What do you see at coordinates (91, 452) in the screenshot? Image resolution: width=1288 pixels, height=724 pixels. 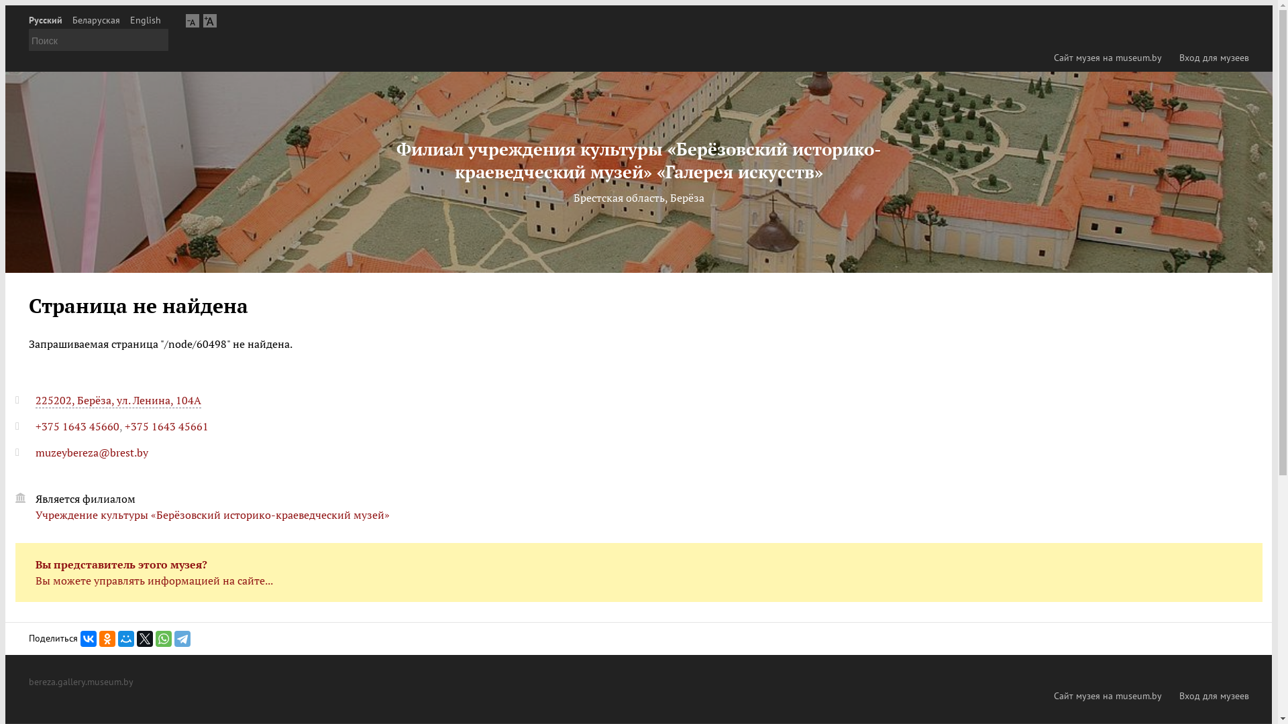 I see `'muzeybereza@brest.by'` at bounding box center [91, 452].